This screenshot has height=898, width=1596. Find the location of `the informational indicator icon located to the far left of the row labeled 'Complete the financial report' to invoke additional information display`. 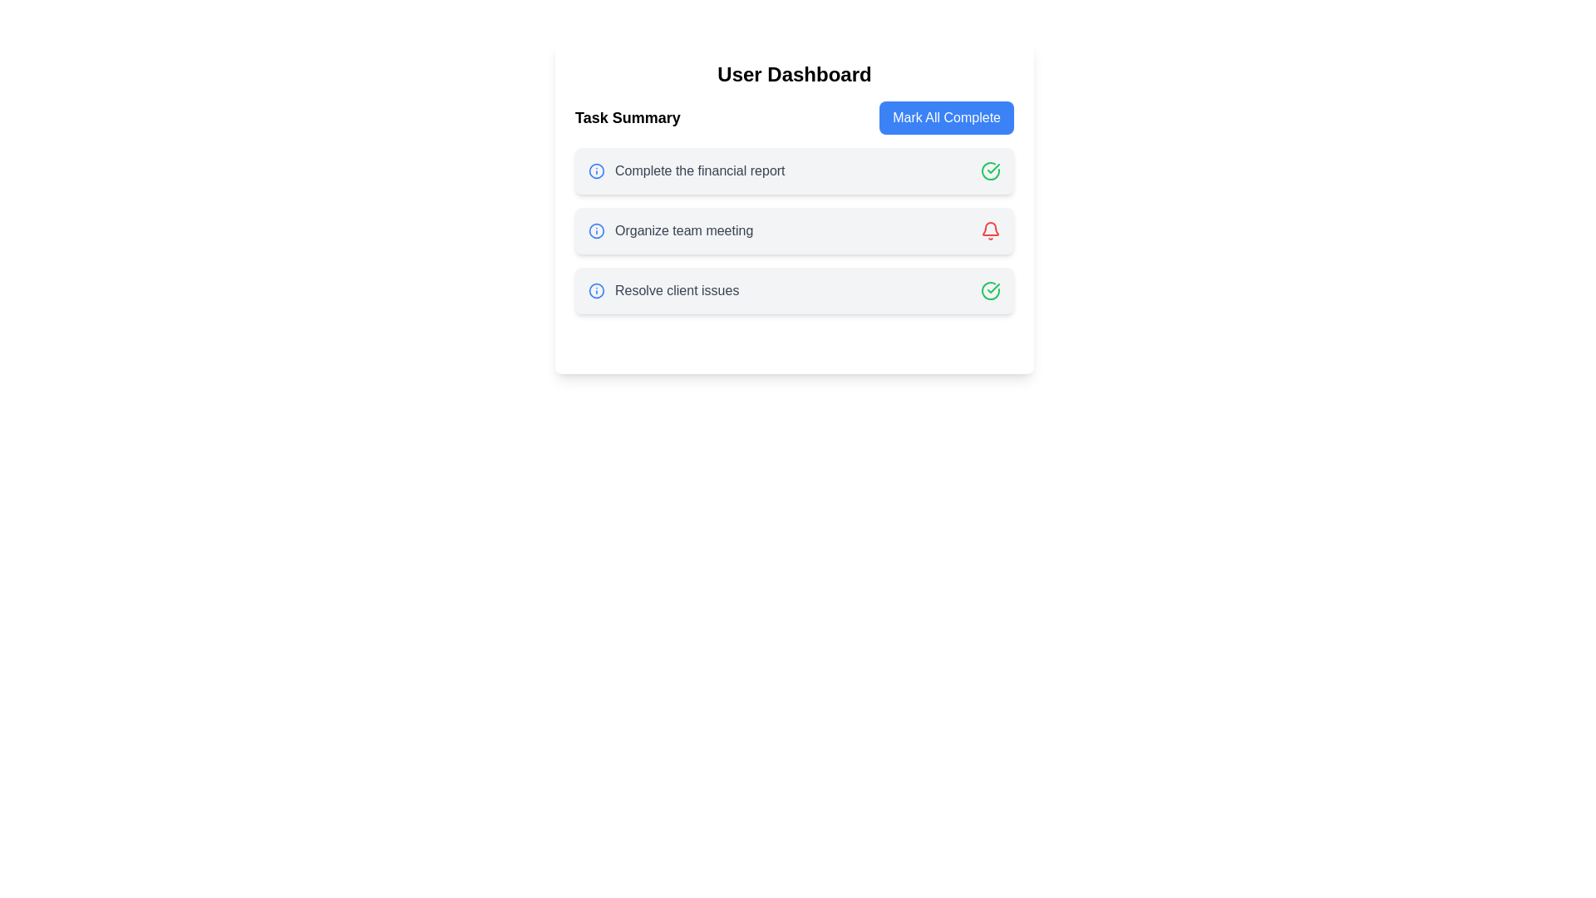

the informational indicator icon located to the far left of the row labeled 'Complete the financial report' to invoke additional information display is located at coordinates (597, 170).